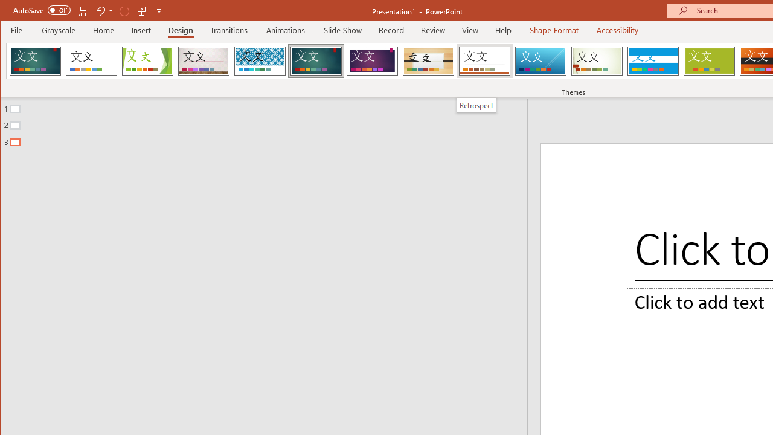 This screenshot has width=773, height=435. What do you see at coordinates (58, 30) in the screenshot?
I see `'Grayscale'` at bounding box center [58, 30].